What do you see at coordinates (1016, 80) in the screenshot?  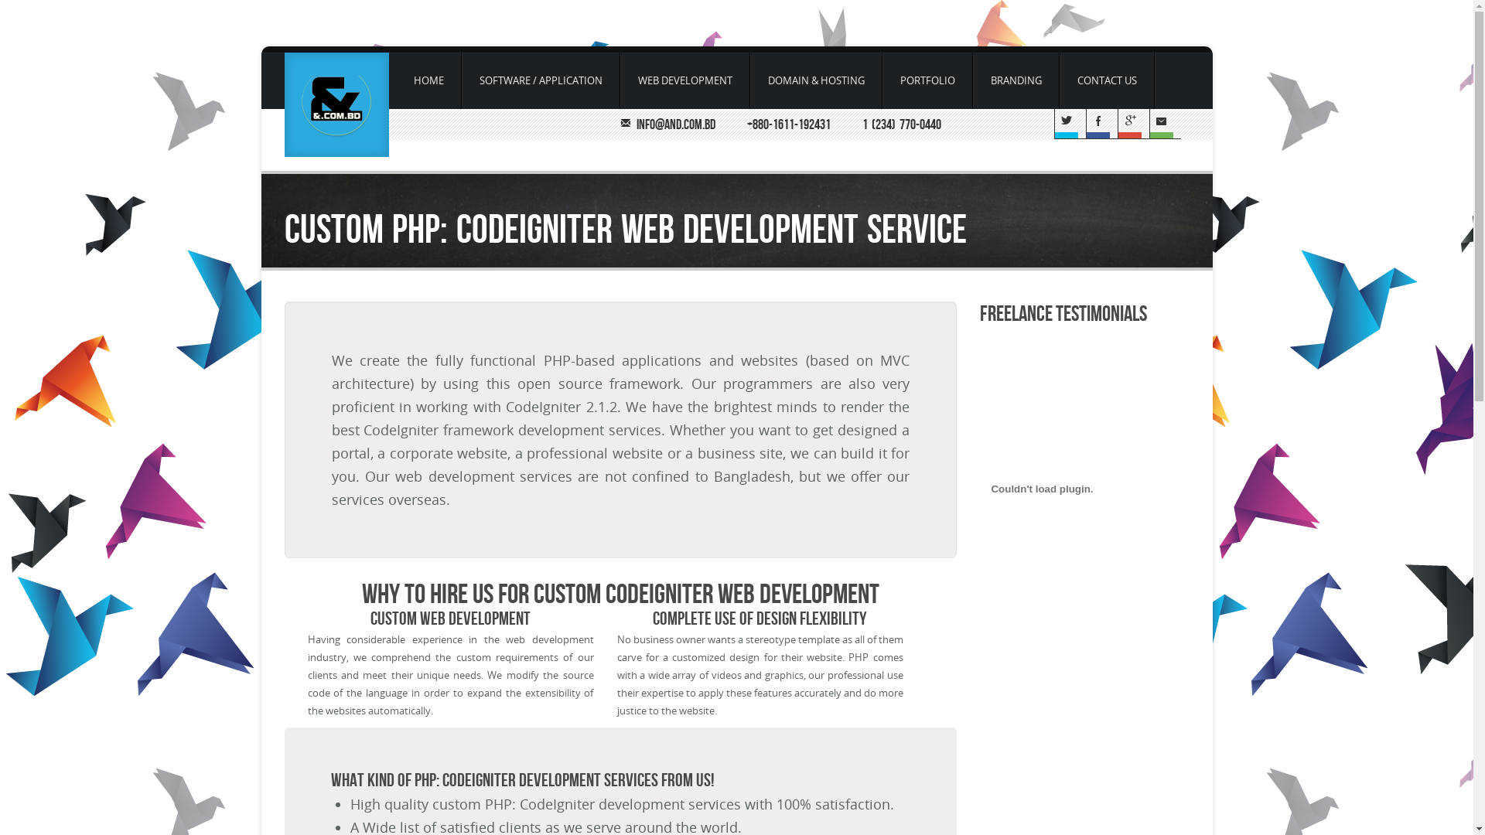 I see `'BRANDING'` at bounding box center [1016, 80].